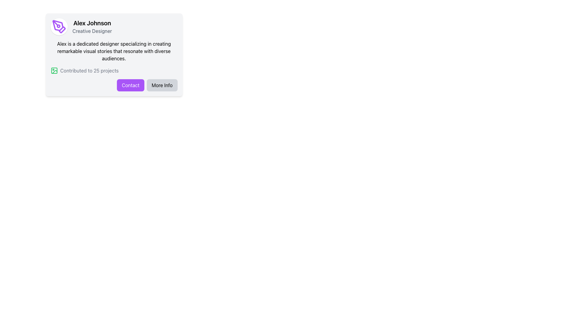 This screenshot has width=586, height=329. What do you see at coordinates (59, 27) in the screenshot?
I see `the round icon with a white background and a purple pen-like symbol inside, located at the top-left corner of Alex Johnson's profile card` at bounding box center [59, 27].